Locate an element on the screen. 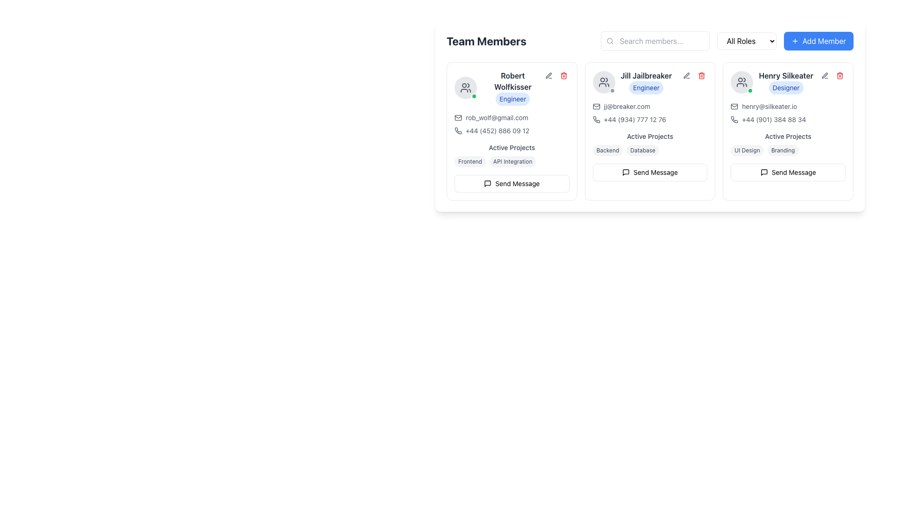 This screenshot has width=897, height=505. the badge containing the text 'API Integration' located under the 'Active Projects' section of Robert Wolfkisser's profile card, which is the second badge in a horizontal array is located at coordinates (512, 161).